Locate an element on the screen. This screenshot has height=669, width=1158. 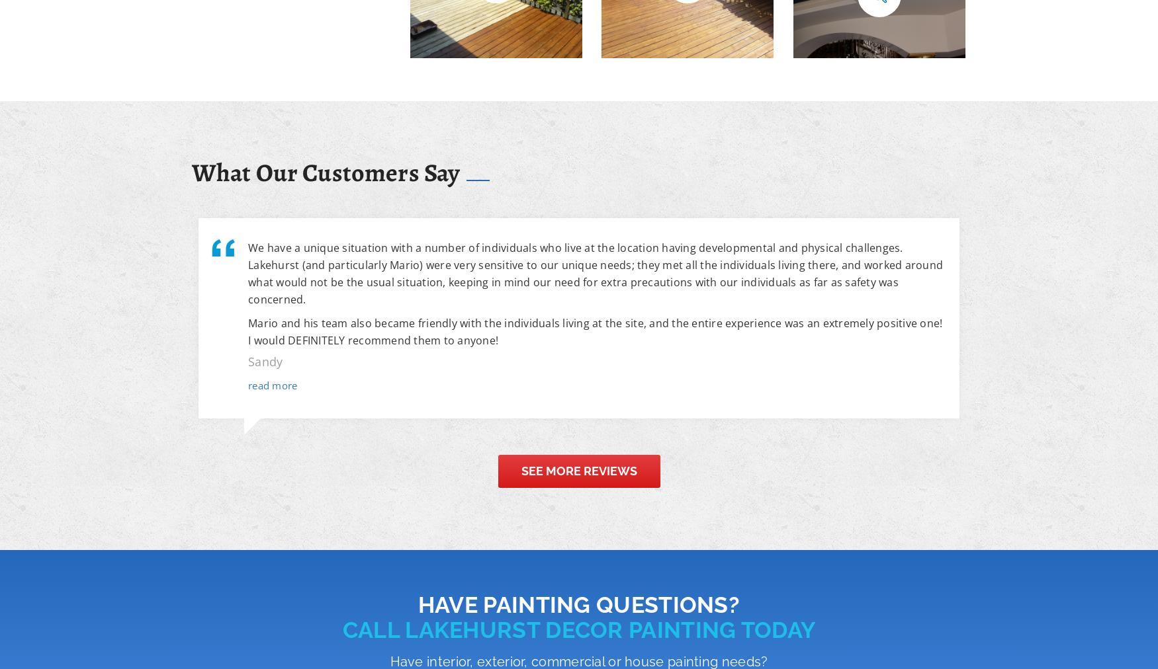
'• Before' is located at coordinates (826, 27).